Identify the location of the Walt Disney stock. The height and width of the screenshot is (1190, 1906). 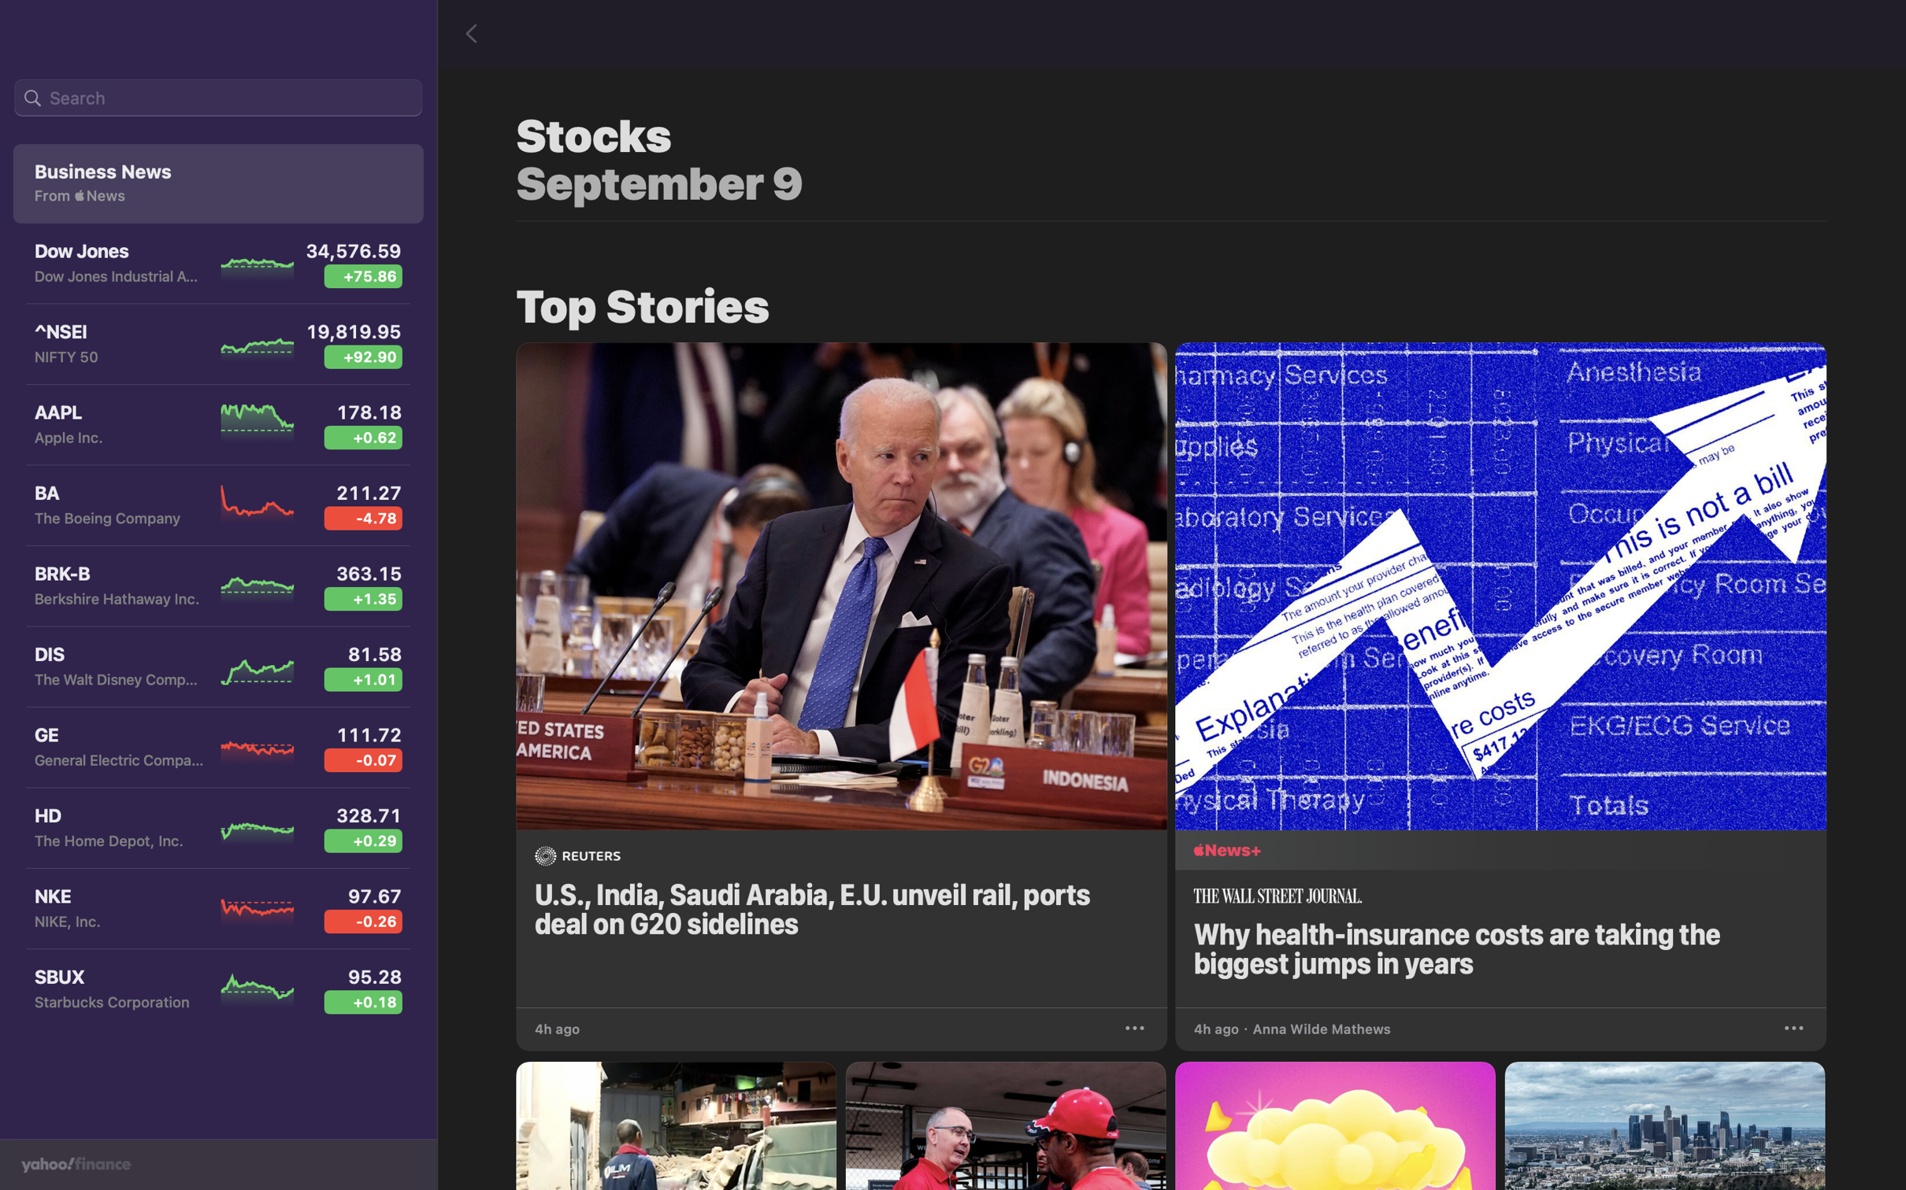
(213, 670).